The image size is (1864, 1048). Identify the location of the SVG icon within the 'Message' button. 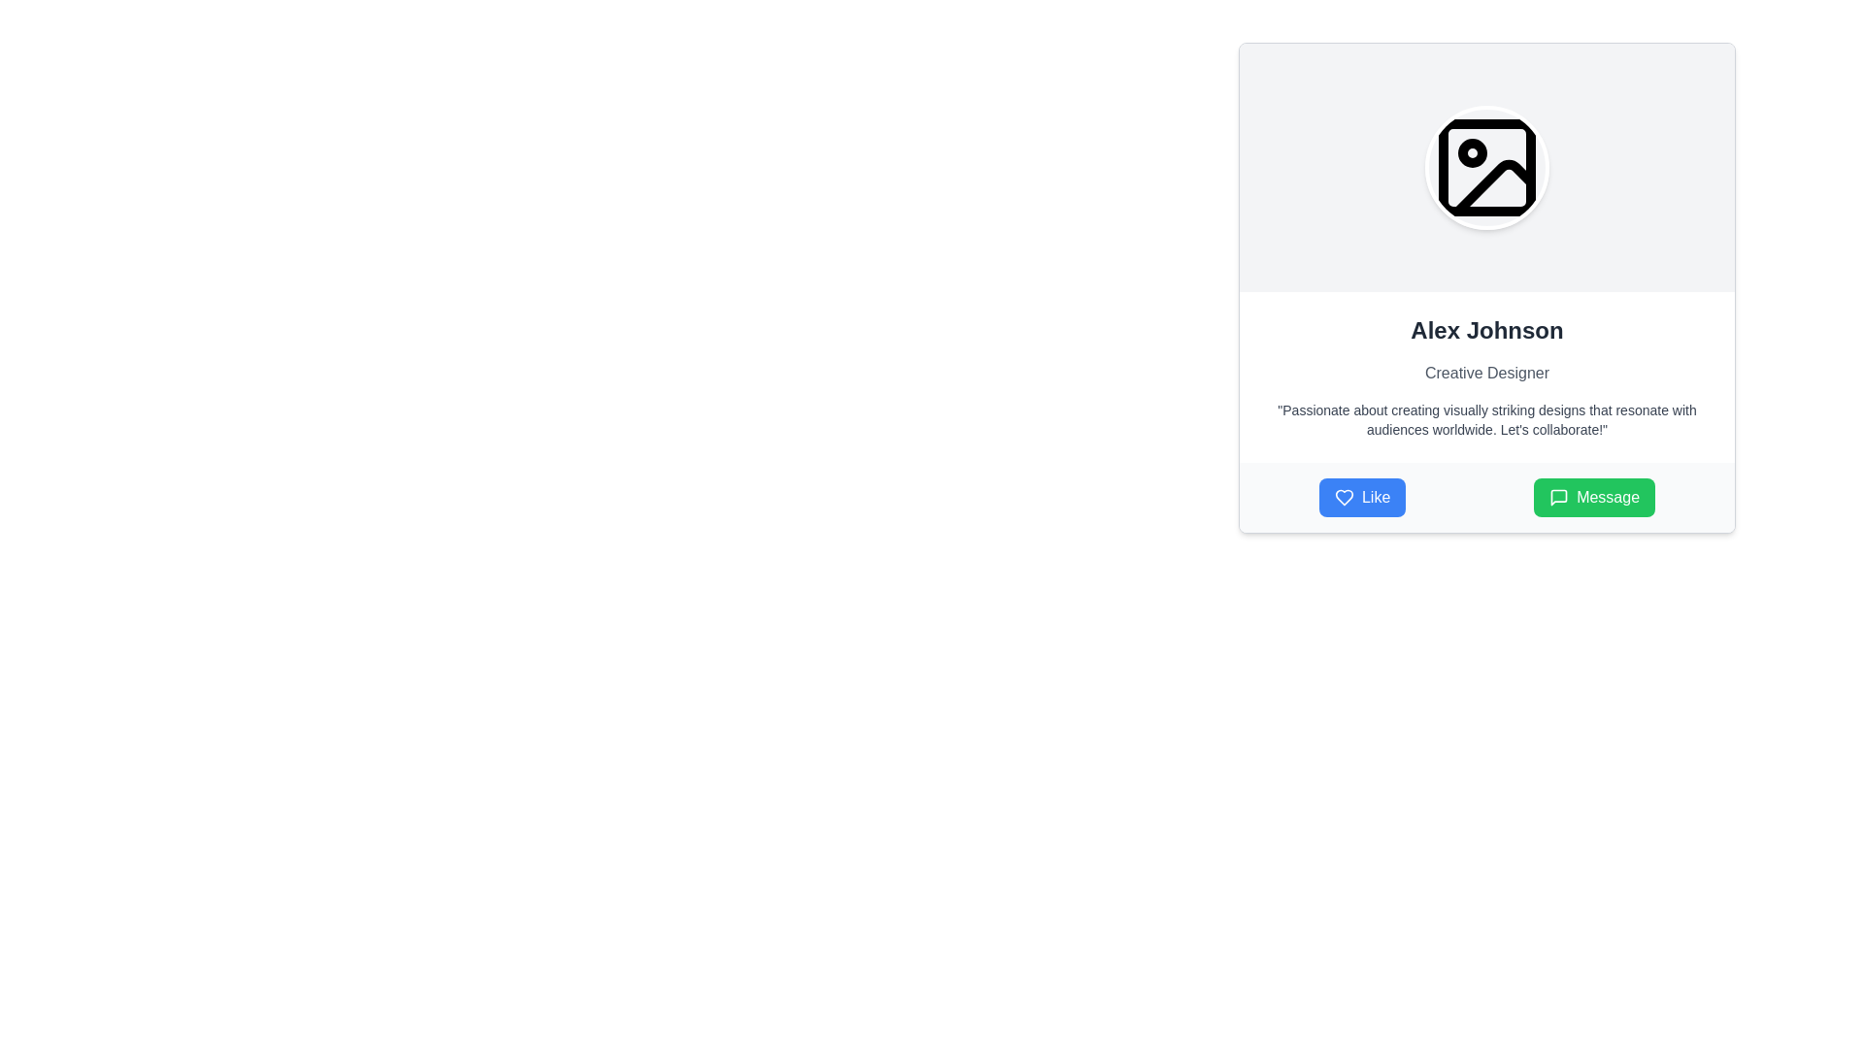
(1559, 497).